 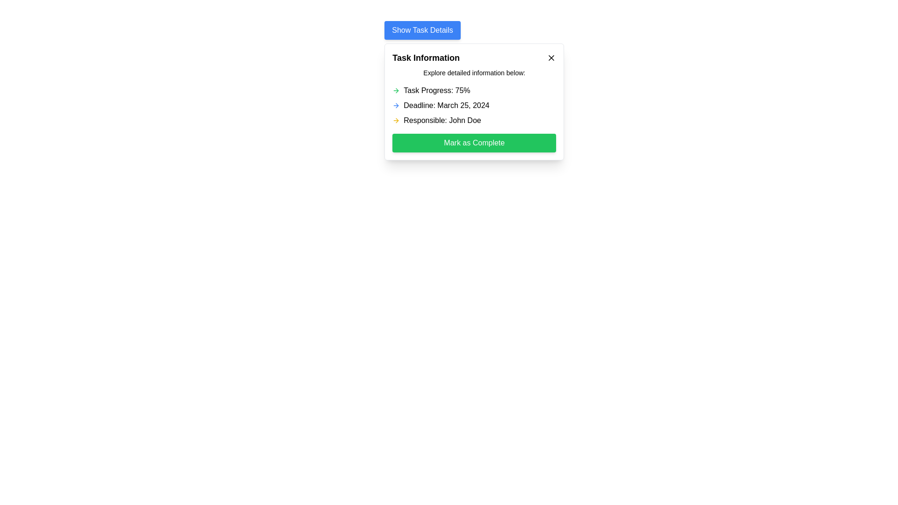 I want to click on styling and attributes of the yellow rightward-pointing arrow icon located to the left of the text 'Responsible: John Doe' within the 'Task Information' card, so click(x=396, y=120).